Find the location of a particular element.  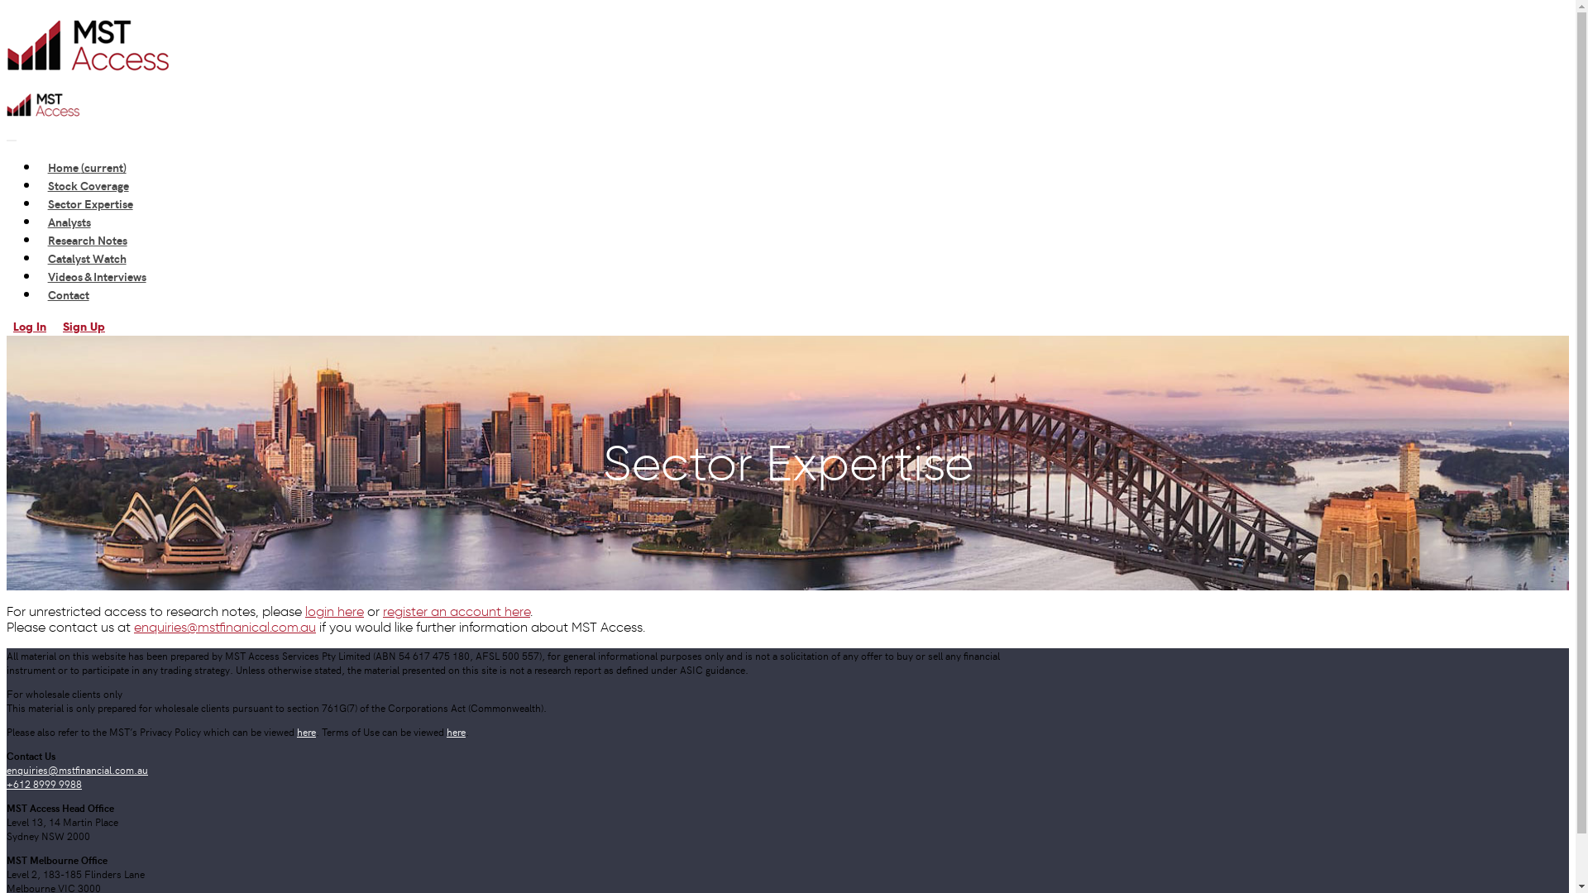

'register an account here' is located at coordinates (457, 611).